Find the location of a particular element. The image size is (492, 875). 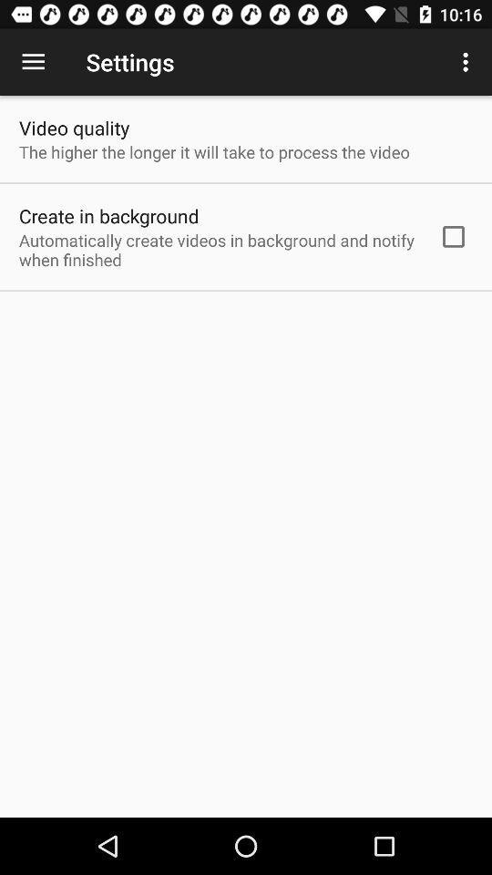

the item above the the higher the icon is located at coordinates (73, 127).